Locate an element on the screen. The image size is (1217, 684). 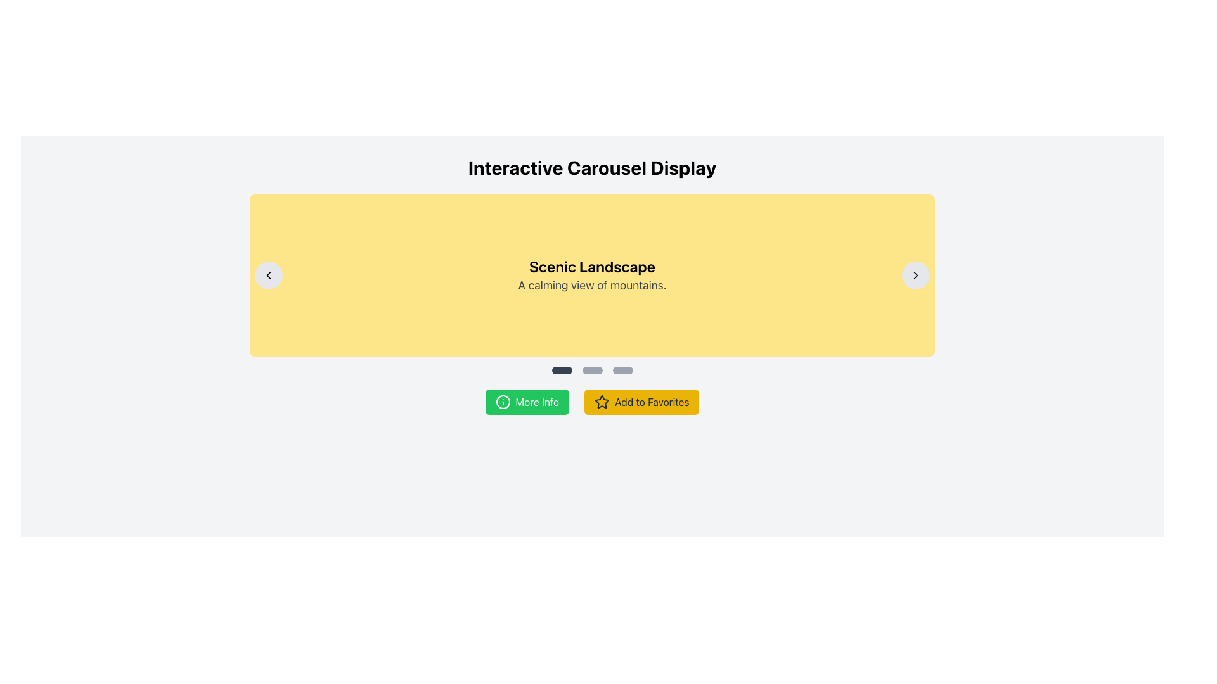
the right-hand navigation arrow icon in the circular gray button to trigger hover effects is located at coordinates (916, 275).